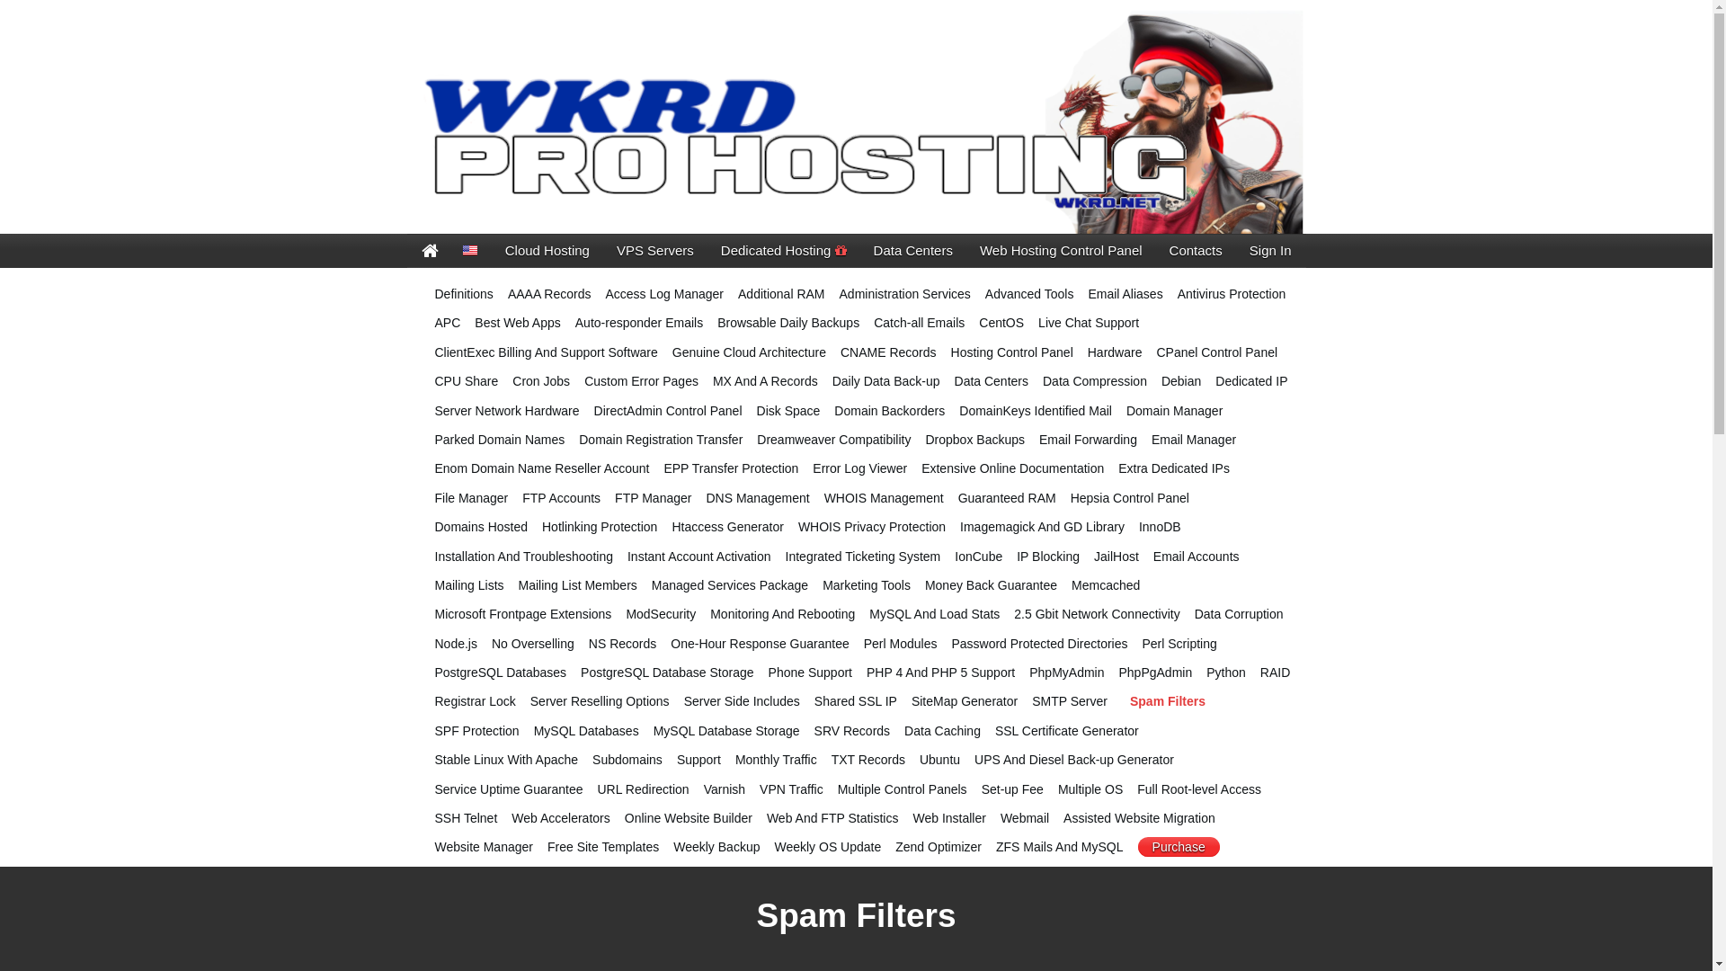 This screenshot has width=1726, height=971. What do you see at coordinates (643, 788) in the screenshot?
I see `'URL Redirection'` at bounding box center [643, 788].